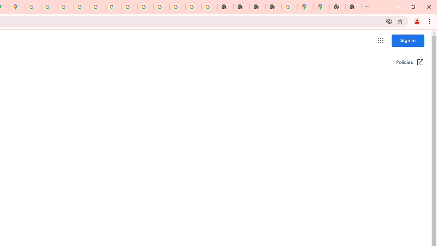 The width and height of the screenshot is (437, 246). Describe the element at coordinates (353, 7) in the screenshot. I see `'New Tab'` at that location.